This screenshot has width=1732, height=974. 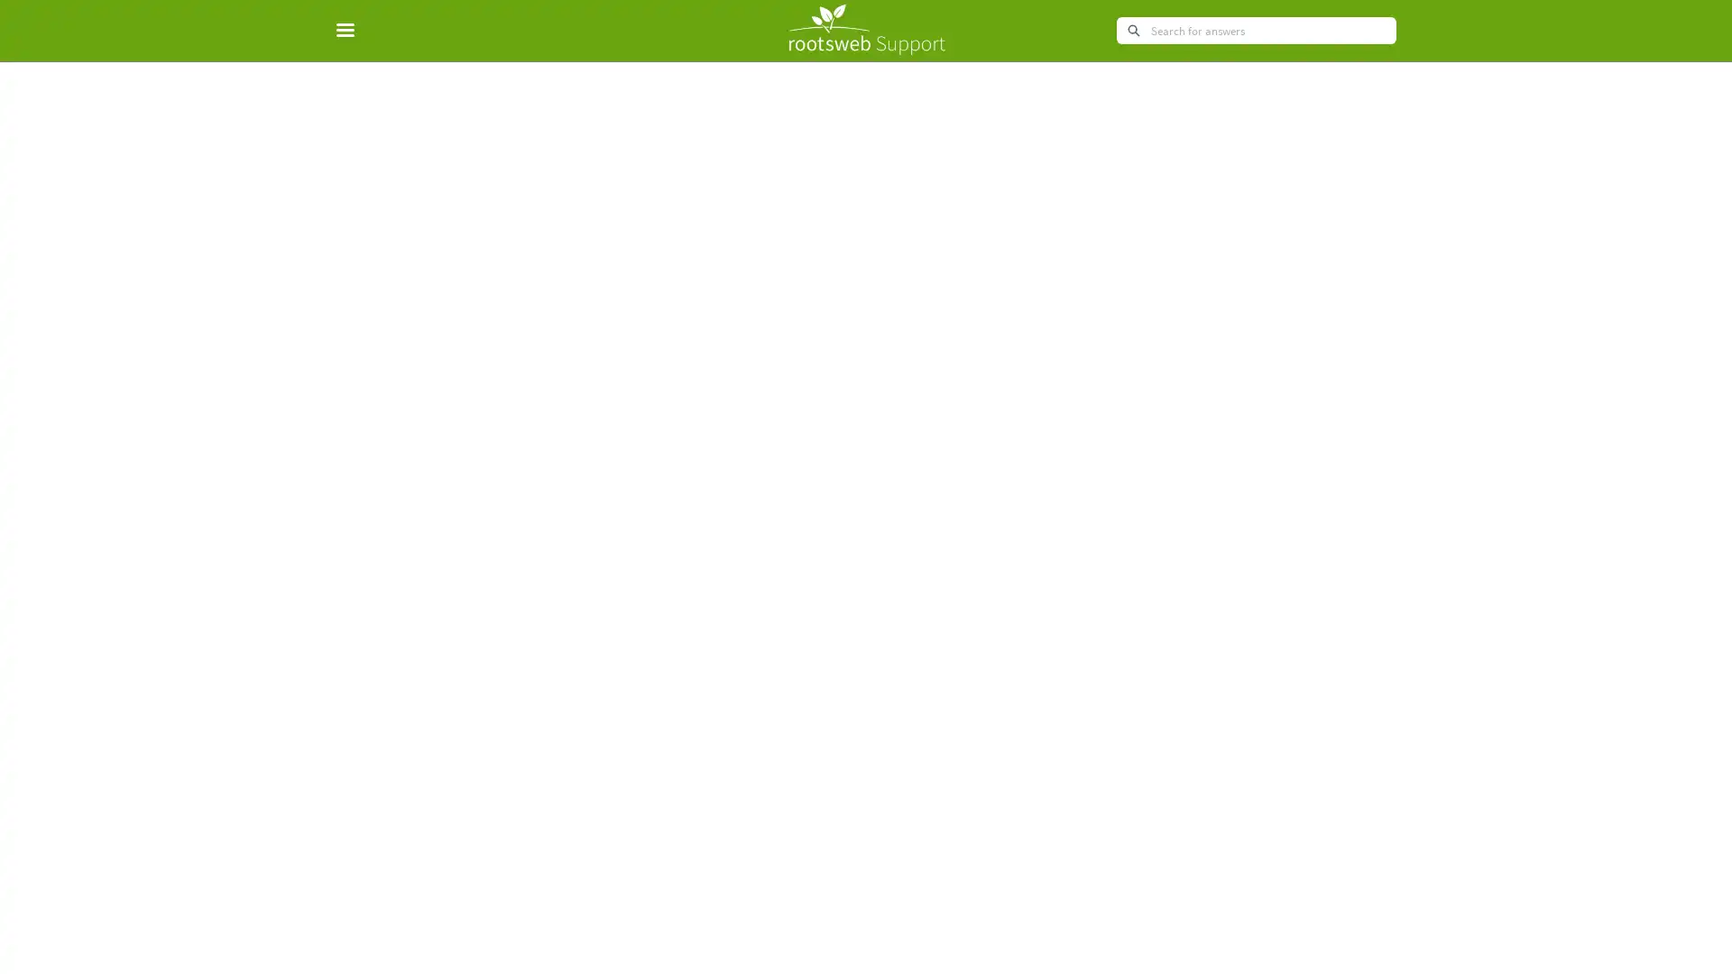 I want to click on Navigation menu, so click(x=355, y=31).